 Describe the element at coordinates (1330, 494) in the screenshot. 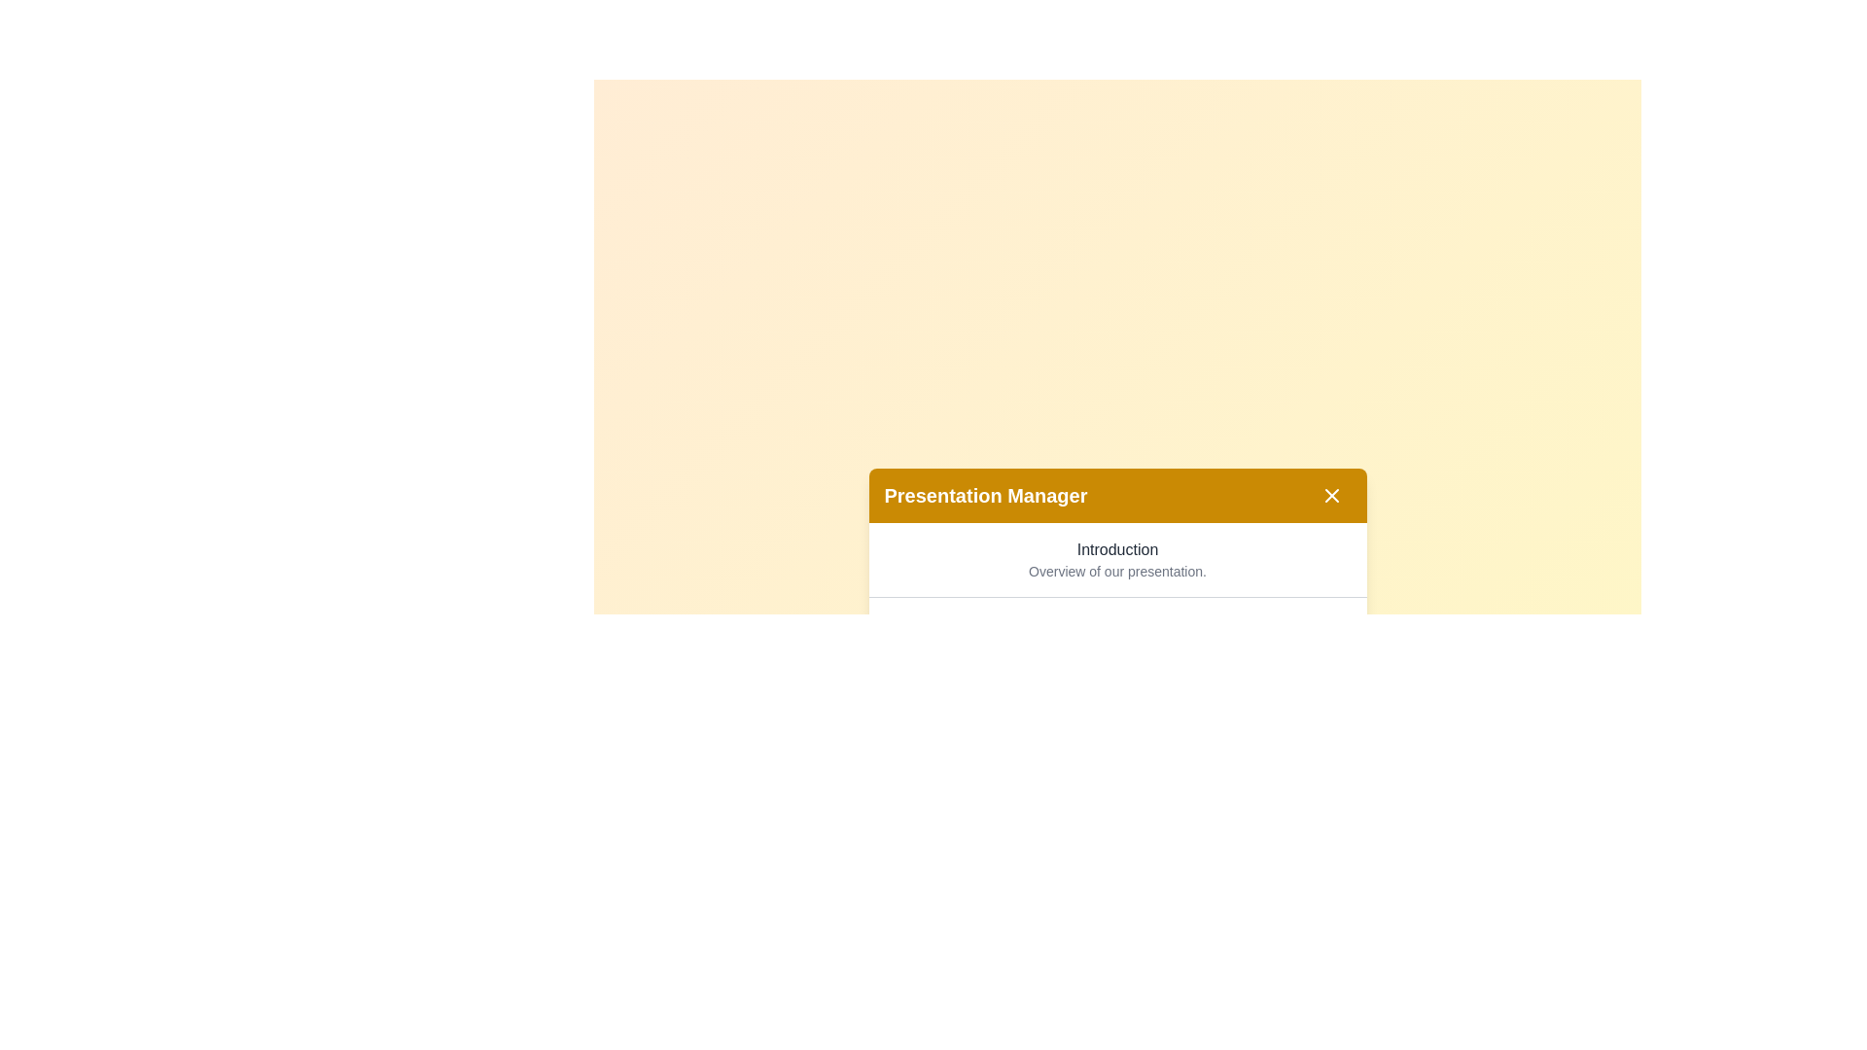

I see `the close button in the top-right corner of the dialog` at that location.